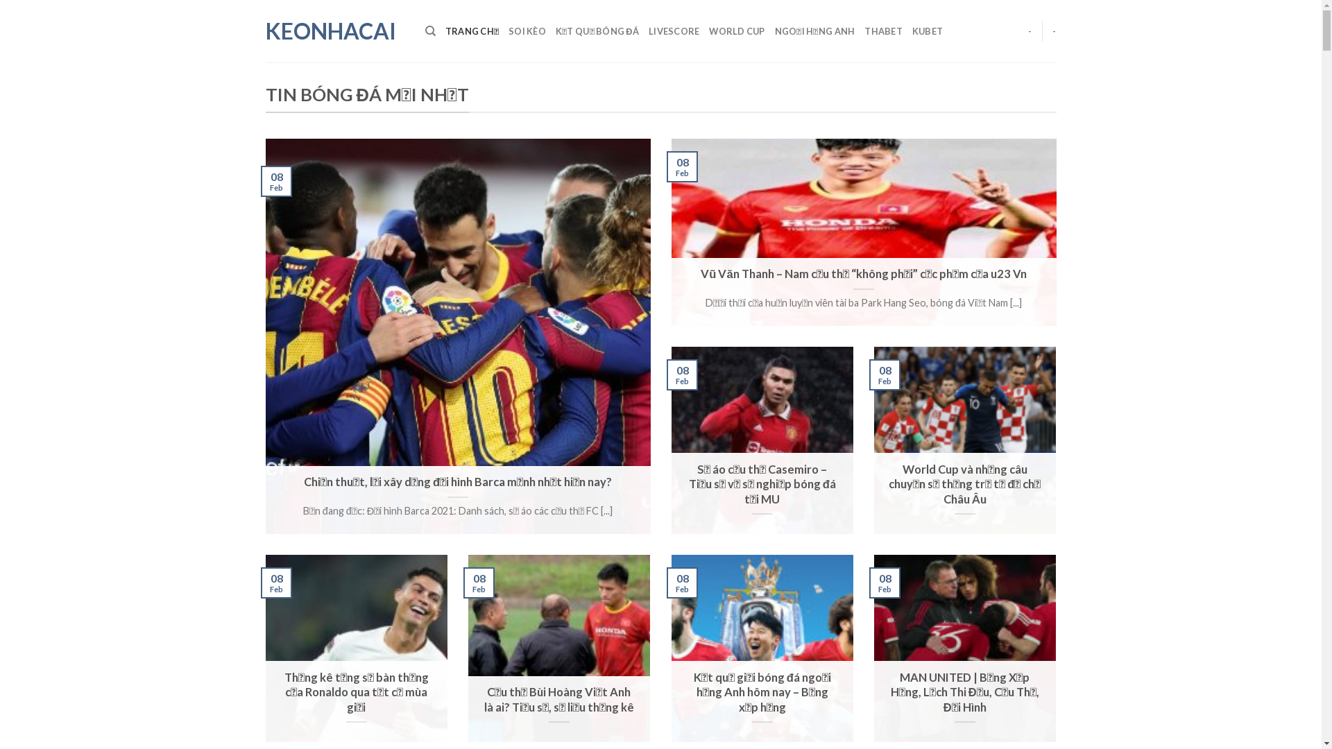 The height and width of the screenshot is (749, 1332). What do you see at coordinates (334, 31) in the screenshot?
I see `'KEONHACAI'` at bounding box center [334, 31].